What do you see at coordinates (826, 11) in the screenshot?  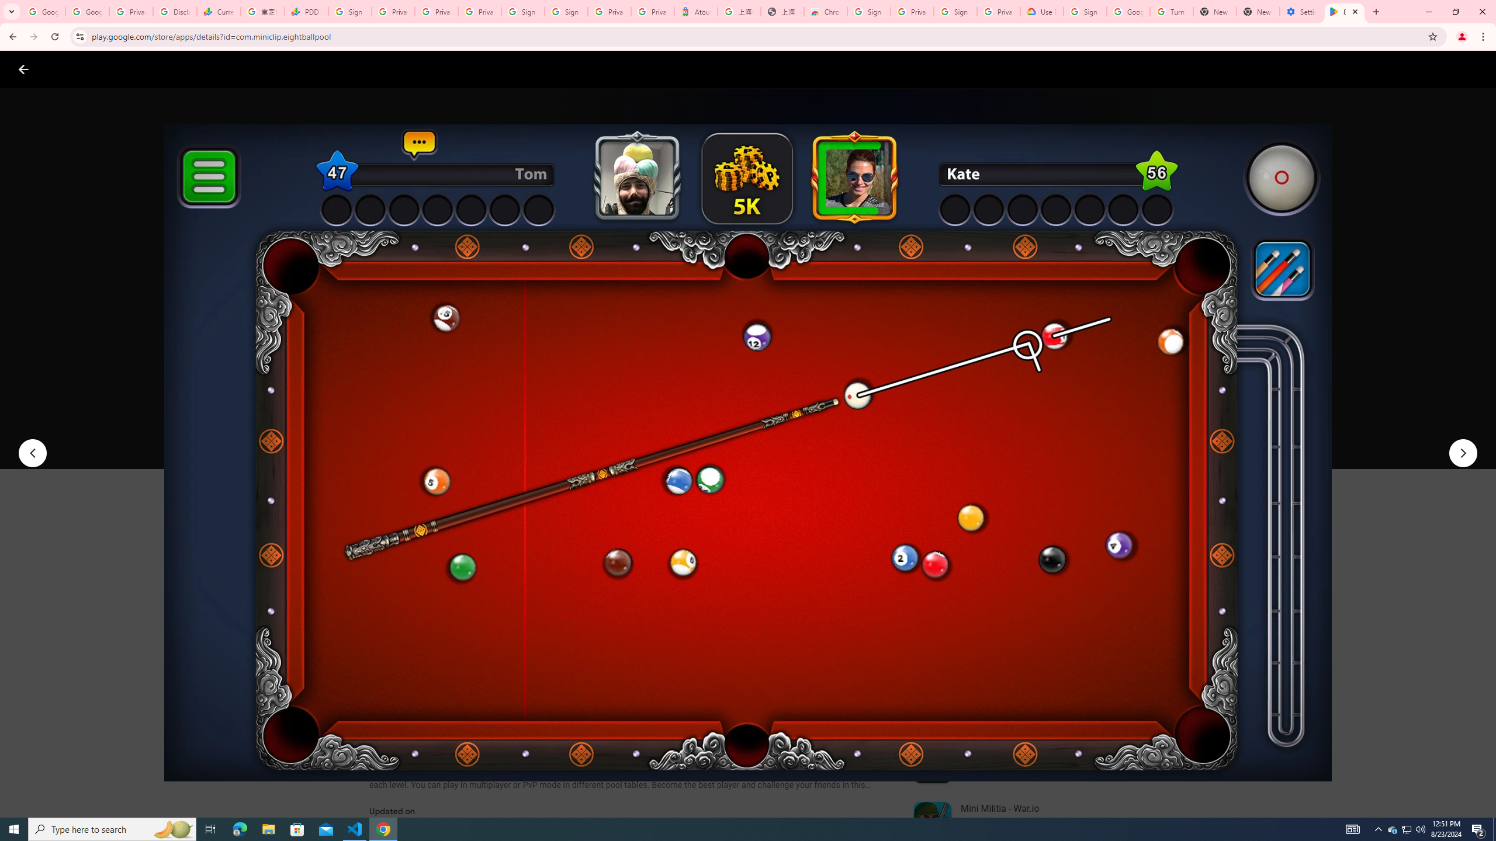 I see `'Chrome Web Store - Color themes by Chrome'` at bounding box center [826, 11].